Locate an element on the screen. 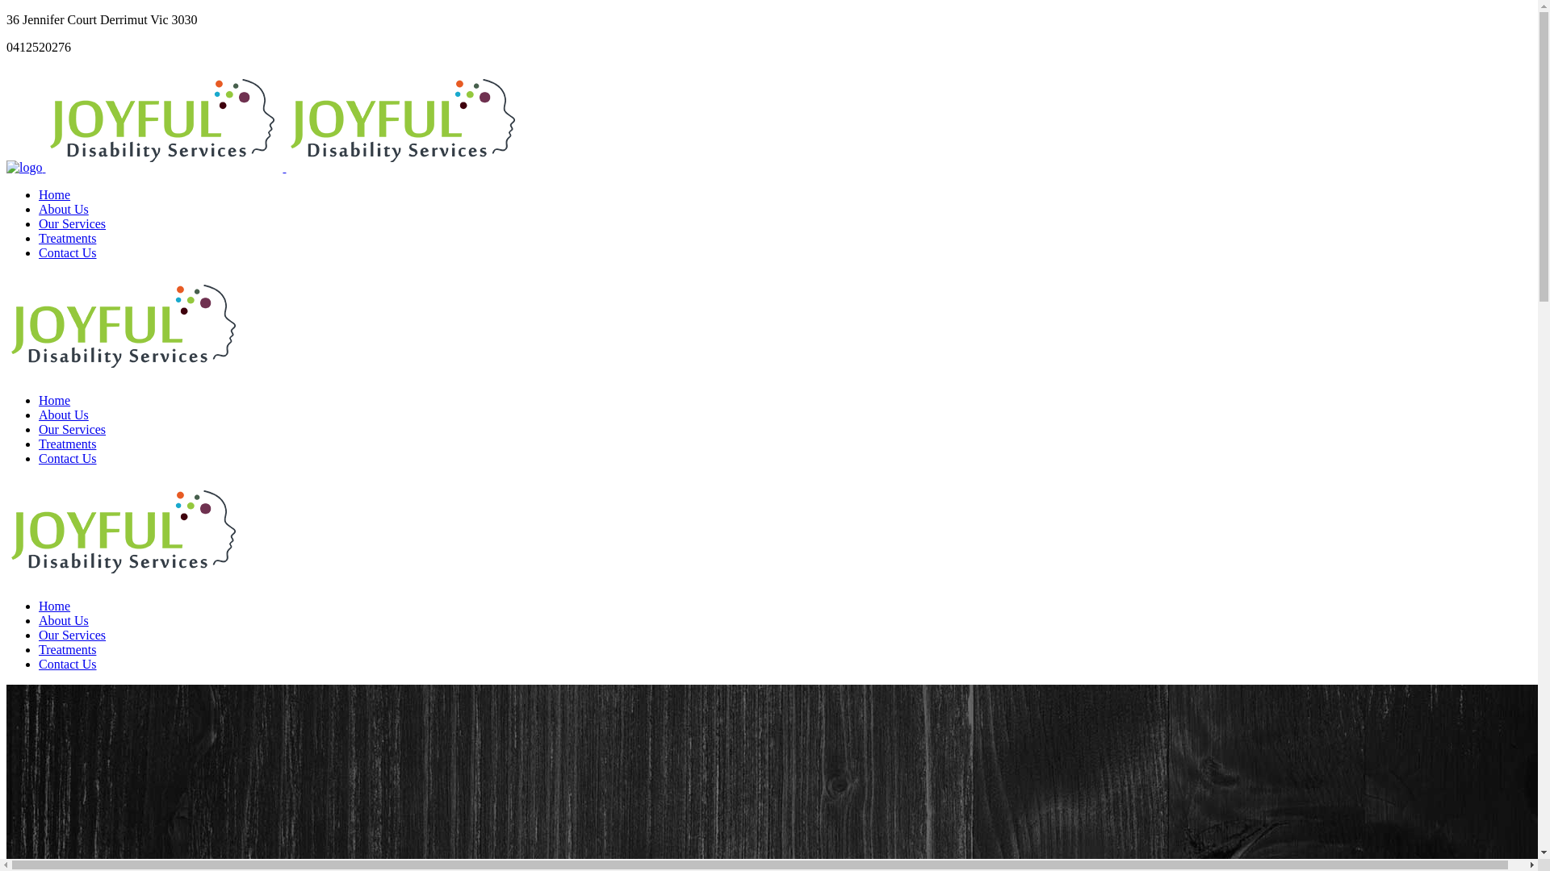  'Contact Us' is located at coordinates (66, 252).